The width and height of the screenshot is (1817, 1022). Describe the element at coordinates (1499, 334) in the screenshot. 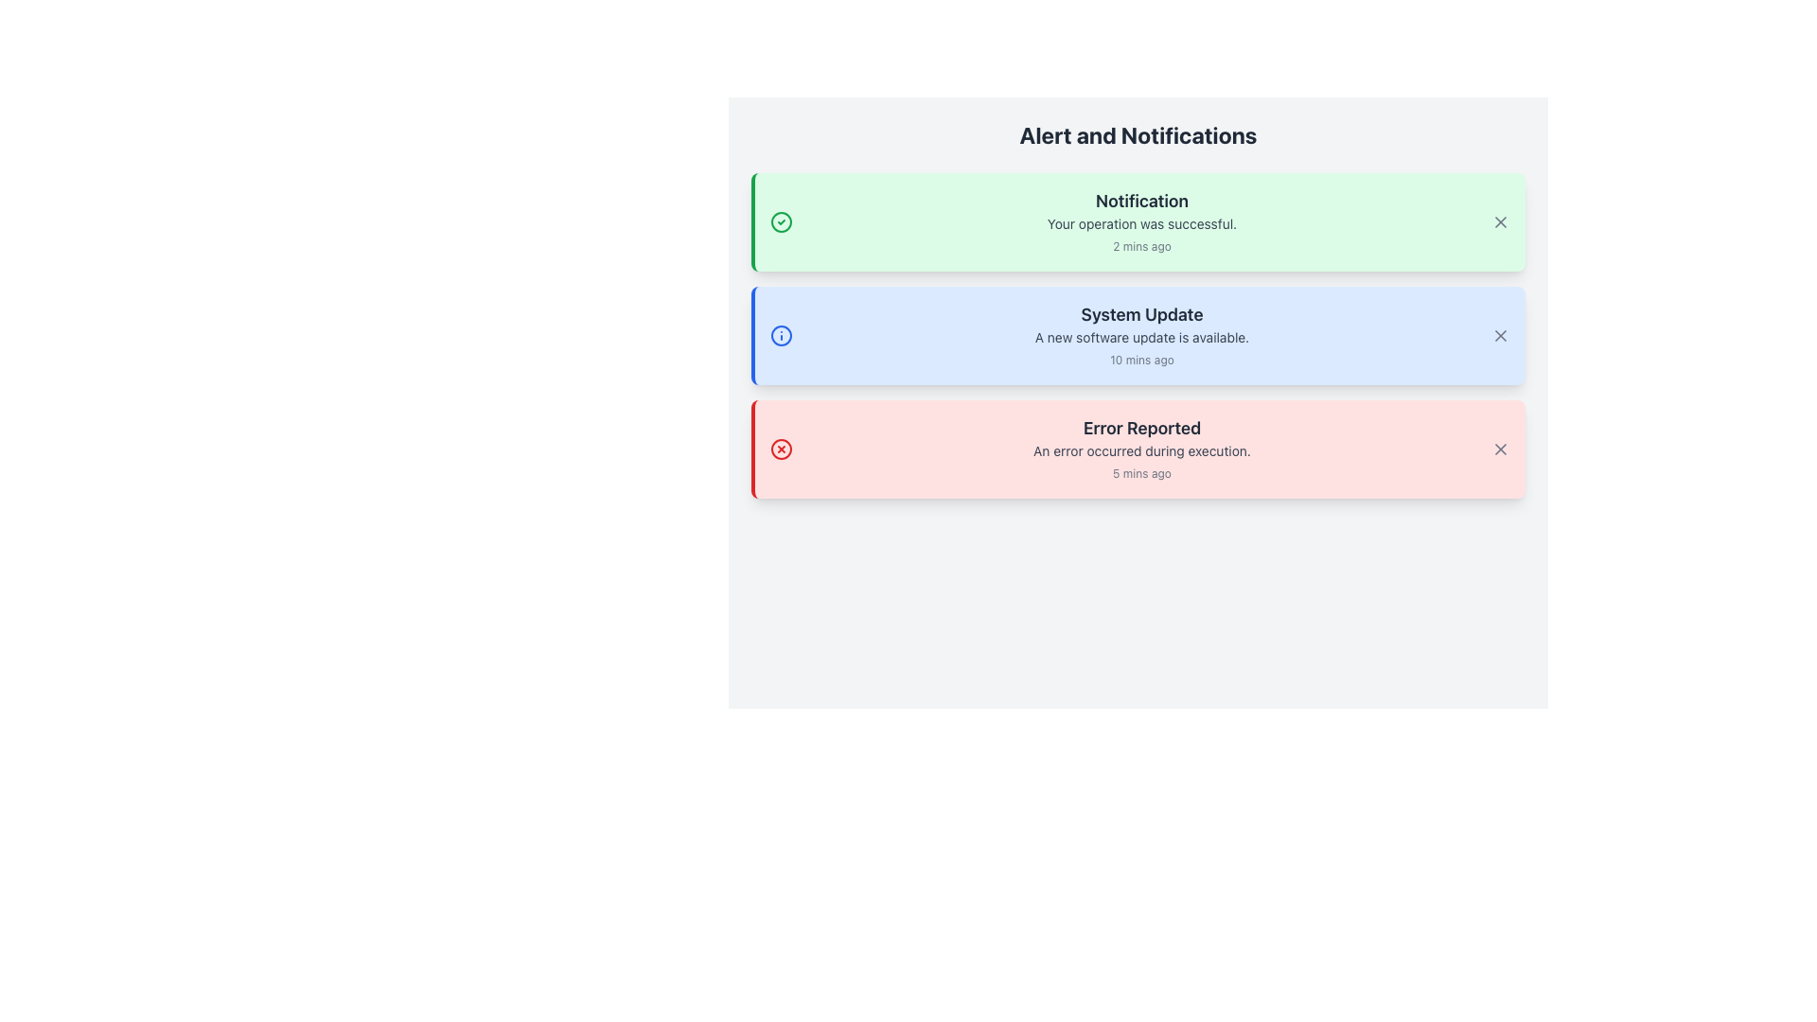

I see `the close 'X' button located at the far right of the 'System Update' notification` at that location.